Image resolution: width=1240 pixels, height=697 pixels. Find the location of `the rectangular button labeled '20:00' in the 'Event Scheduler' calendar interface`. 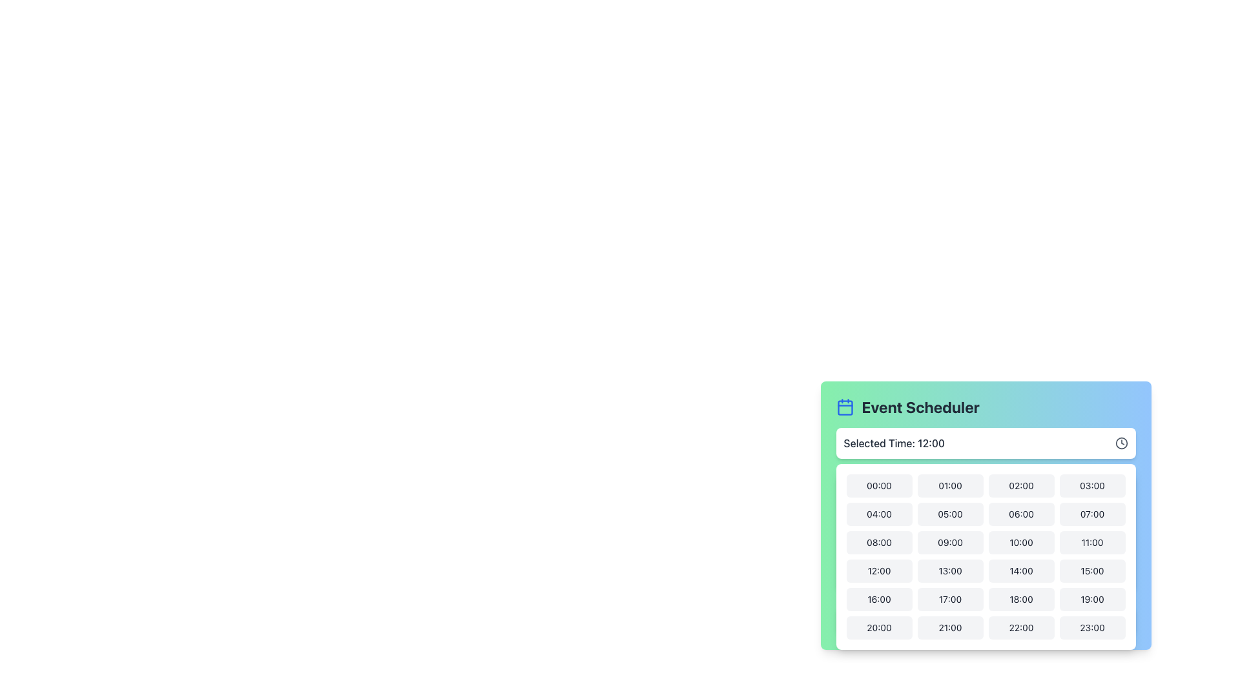

the rectangular button labeled '20:00' in the 'Event Scheduler' calendar interface is located at coordinates (878, 627).